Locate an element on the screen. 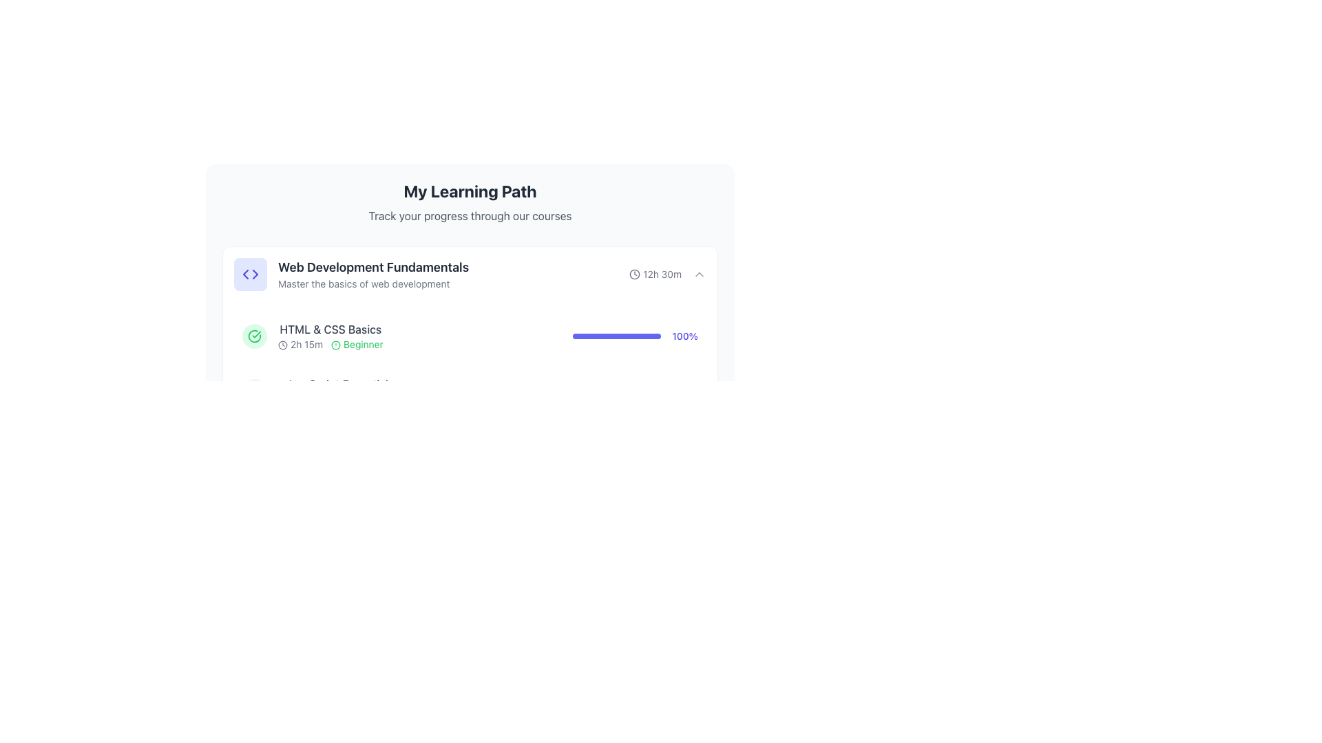 This screenshot has width=1322, height=743. the Text Label displaying 'Web Development Fundamentals', which is the primary title in bold and dark gray color at the top-left of a course item card is located at coordinates (373, 268).